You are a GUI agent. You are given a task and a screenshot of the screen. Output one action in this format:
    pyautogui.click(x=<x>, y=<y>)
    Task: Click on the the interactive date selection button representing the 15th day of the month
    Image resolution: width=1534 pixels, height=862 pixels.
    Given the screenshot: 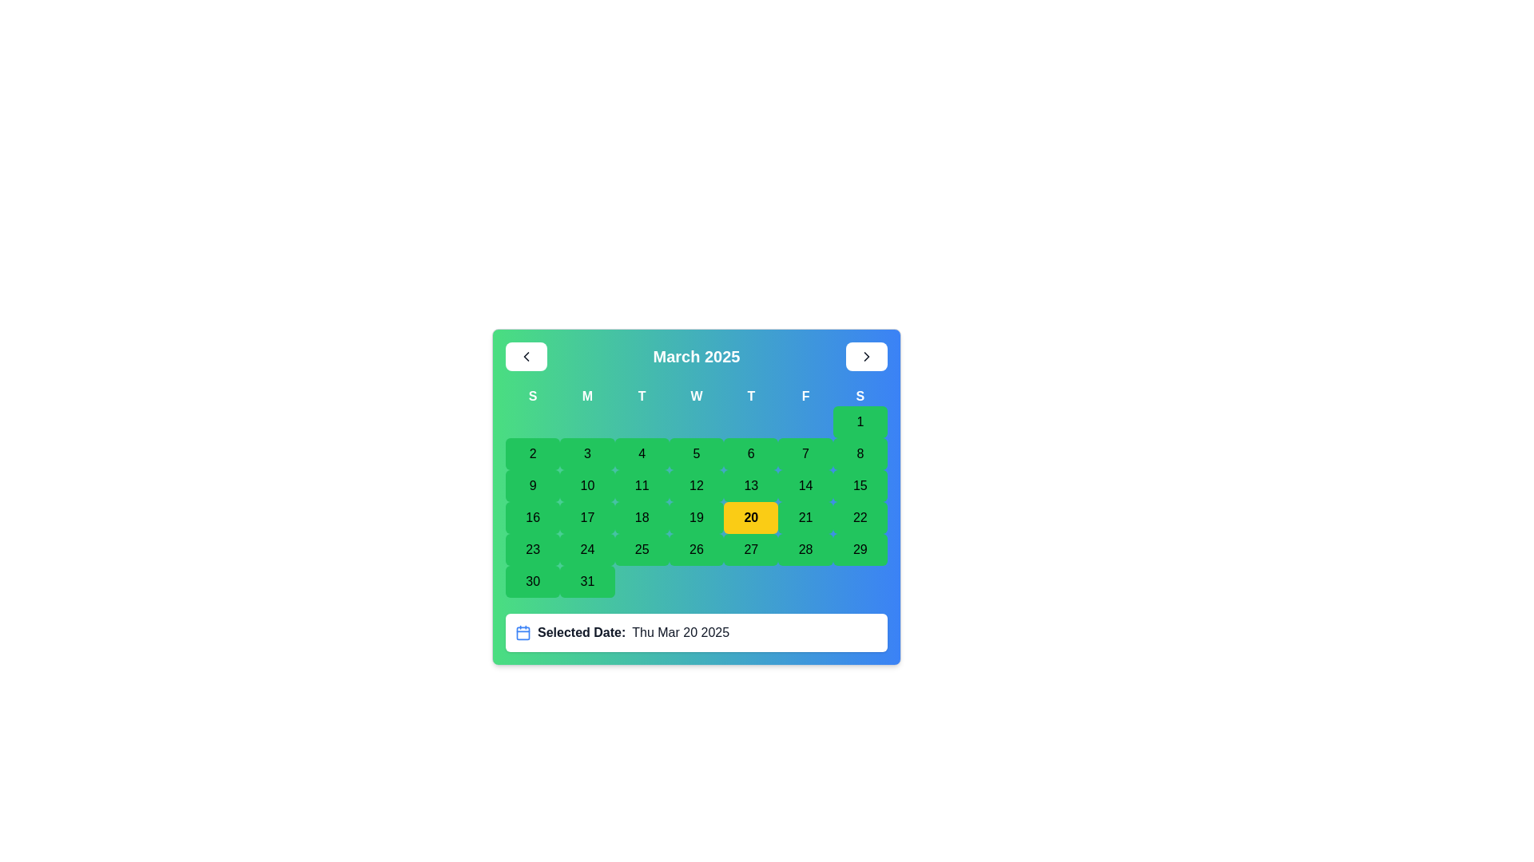 What is the action you would take?
    pyautogui.click(x=859, y=485)
    